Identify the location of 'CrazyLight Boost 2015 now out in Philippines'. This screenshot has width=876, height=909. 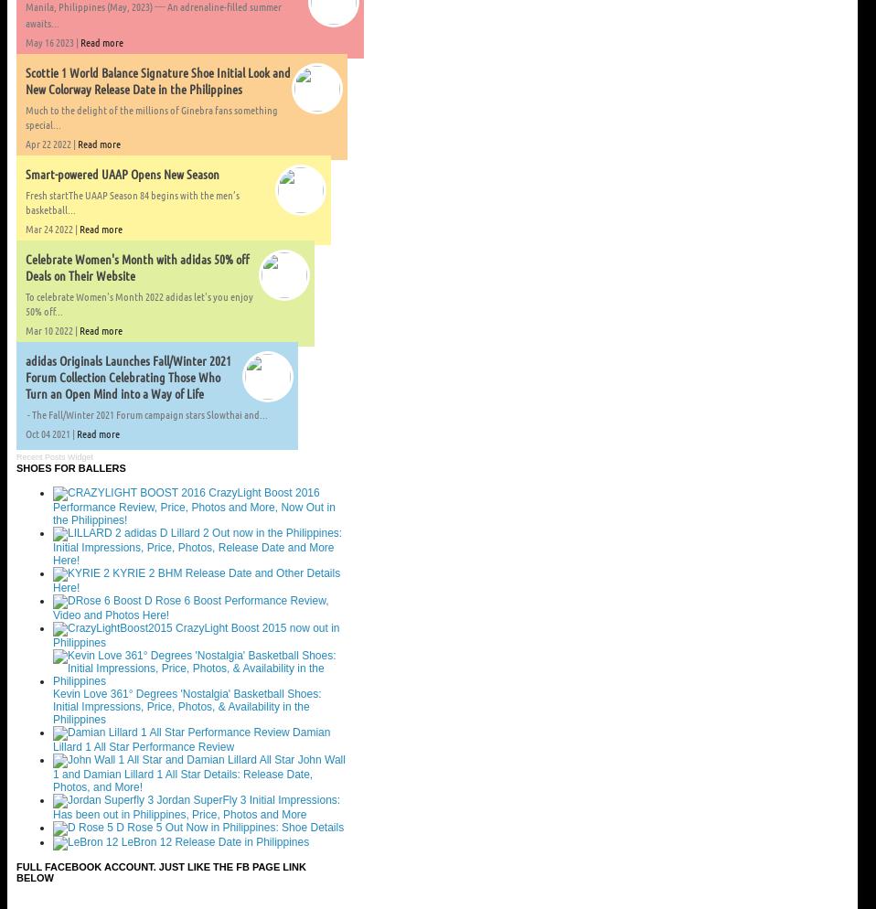
(195, 635).